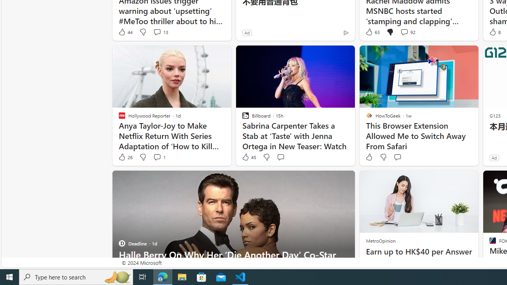  What do you see at coordinates (125, 32) in the screenshot?
I see `'44 Like'` at bounding box center [125, 32].